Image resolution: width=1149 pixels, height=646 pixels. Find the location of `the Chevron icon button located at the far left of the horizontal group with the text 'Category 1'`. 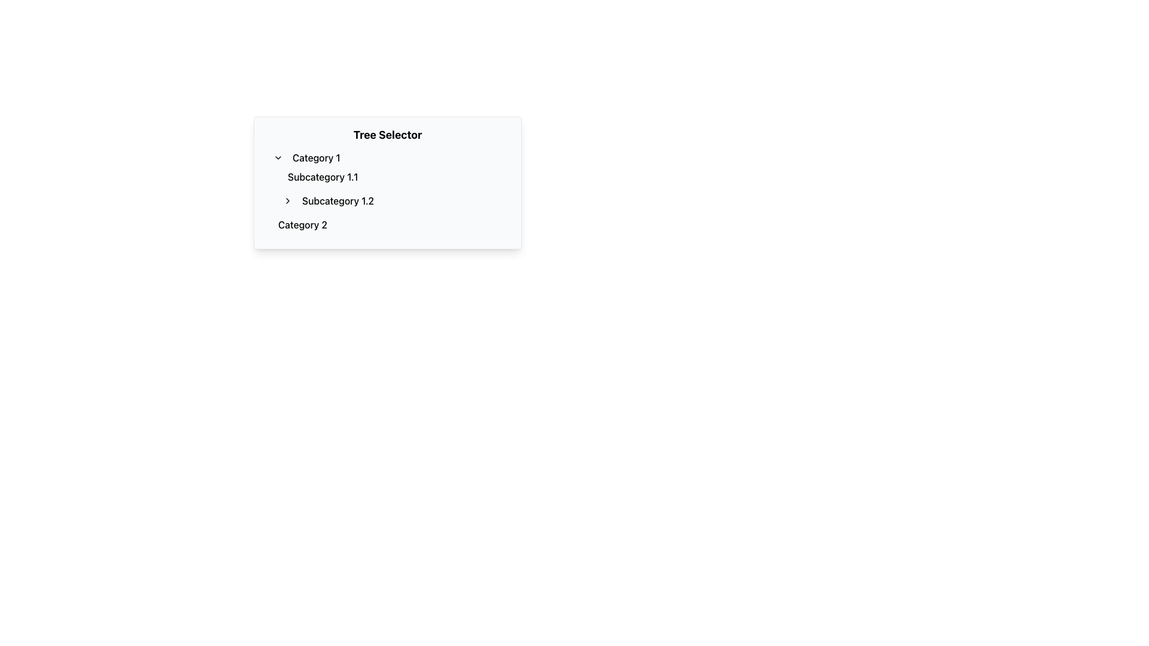

the Chevron icon button located at the far left of the horizontal group with the text 'Category 1' is located at coordinates (278, 157).